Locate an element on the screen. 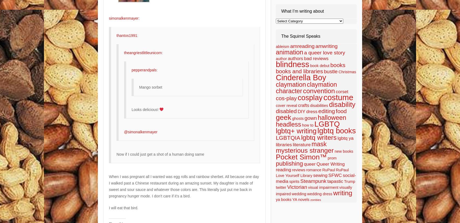 This screenshot has height=223, width=460. 'amreading' is located at coordinates (302, 46).